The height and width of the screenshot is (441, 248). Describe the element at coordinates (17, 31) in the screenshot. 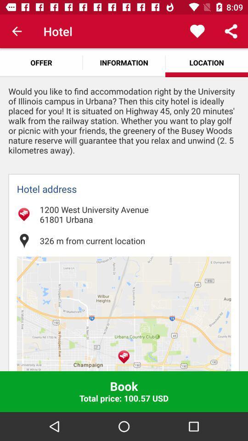

I see `the icon above offer app` at that location.